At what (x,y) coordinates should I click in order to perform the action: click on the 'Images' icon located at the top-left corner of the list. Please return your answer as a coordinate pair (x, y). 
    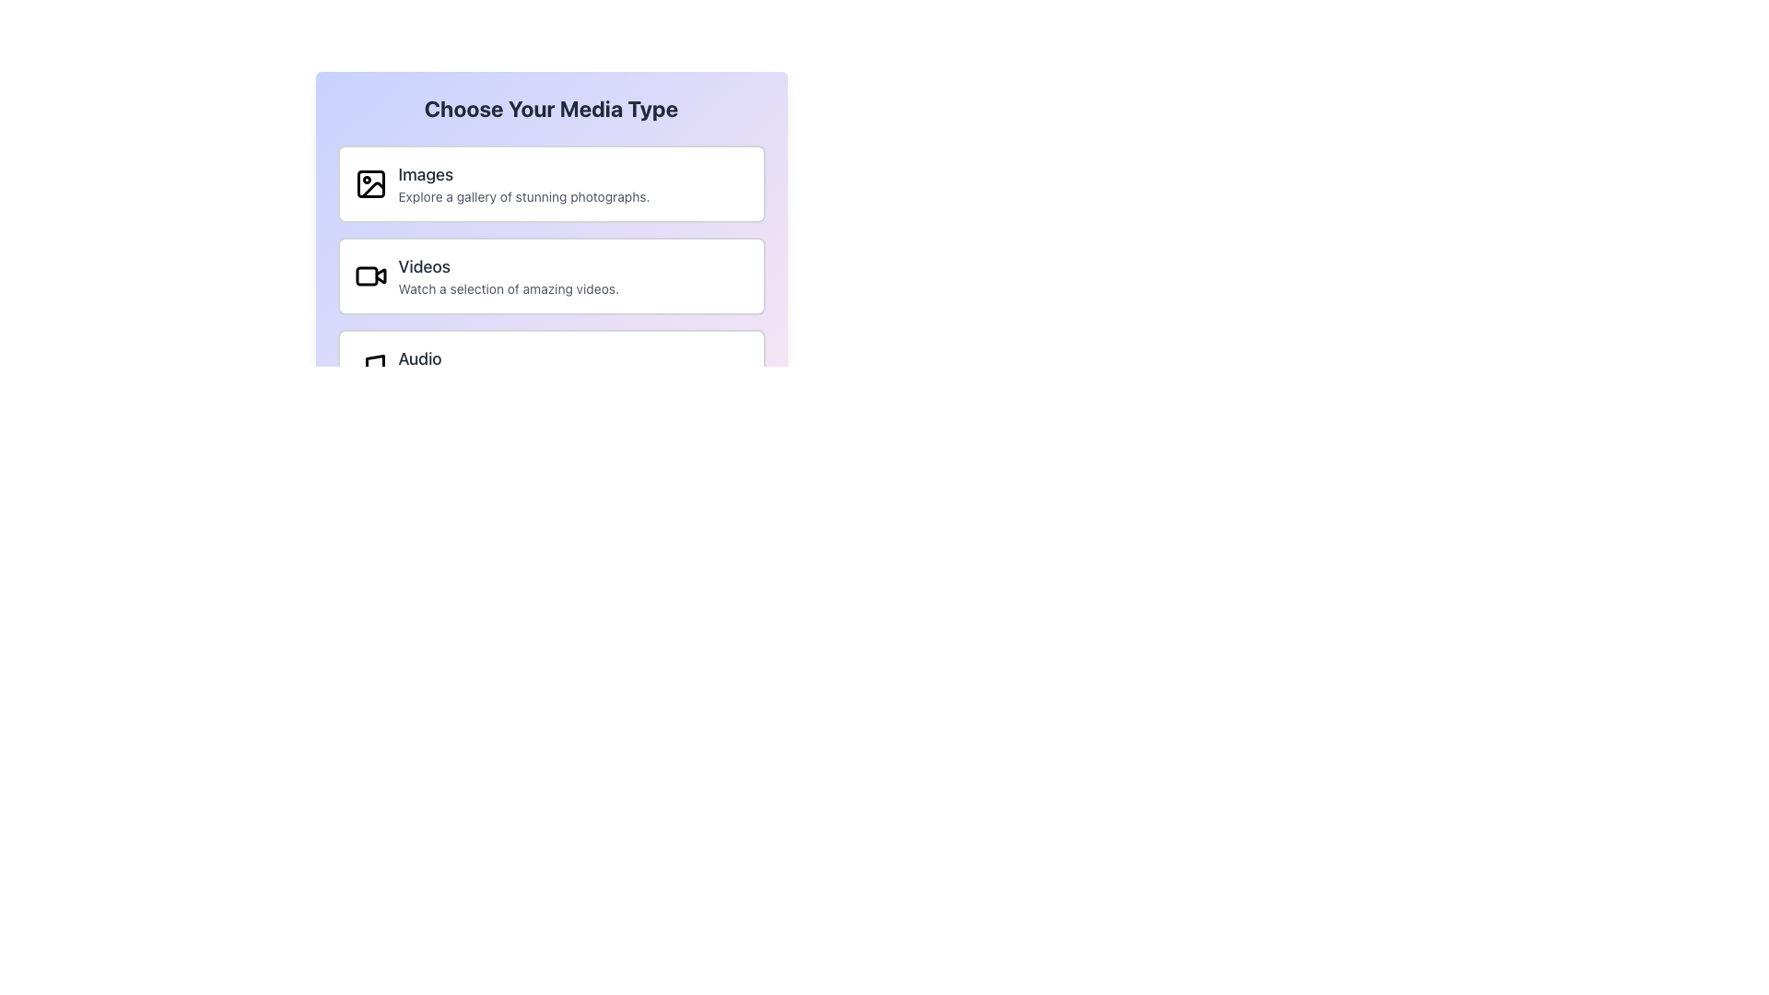
    Looking at the image, I should click on (369, 184).